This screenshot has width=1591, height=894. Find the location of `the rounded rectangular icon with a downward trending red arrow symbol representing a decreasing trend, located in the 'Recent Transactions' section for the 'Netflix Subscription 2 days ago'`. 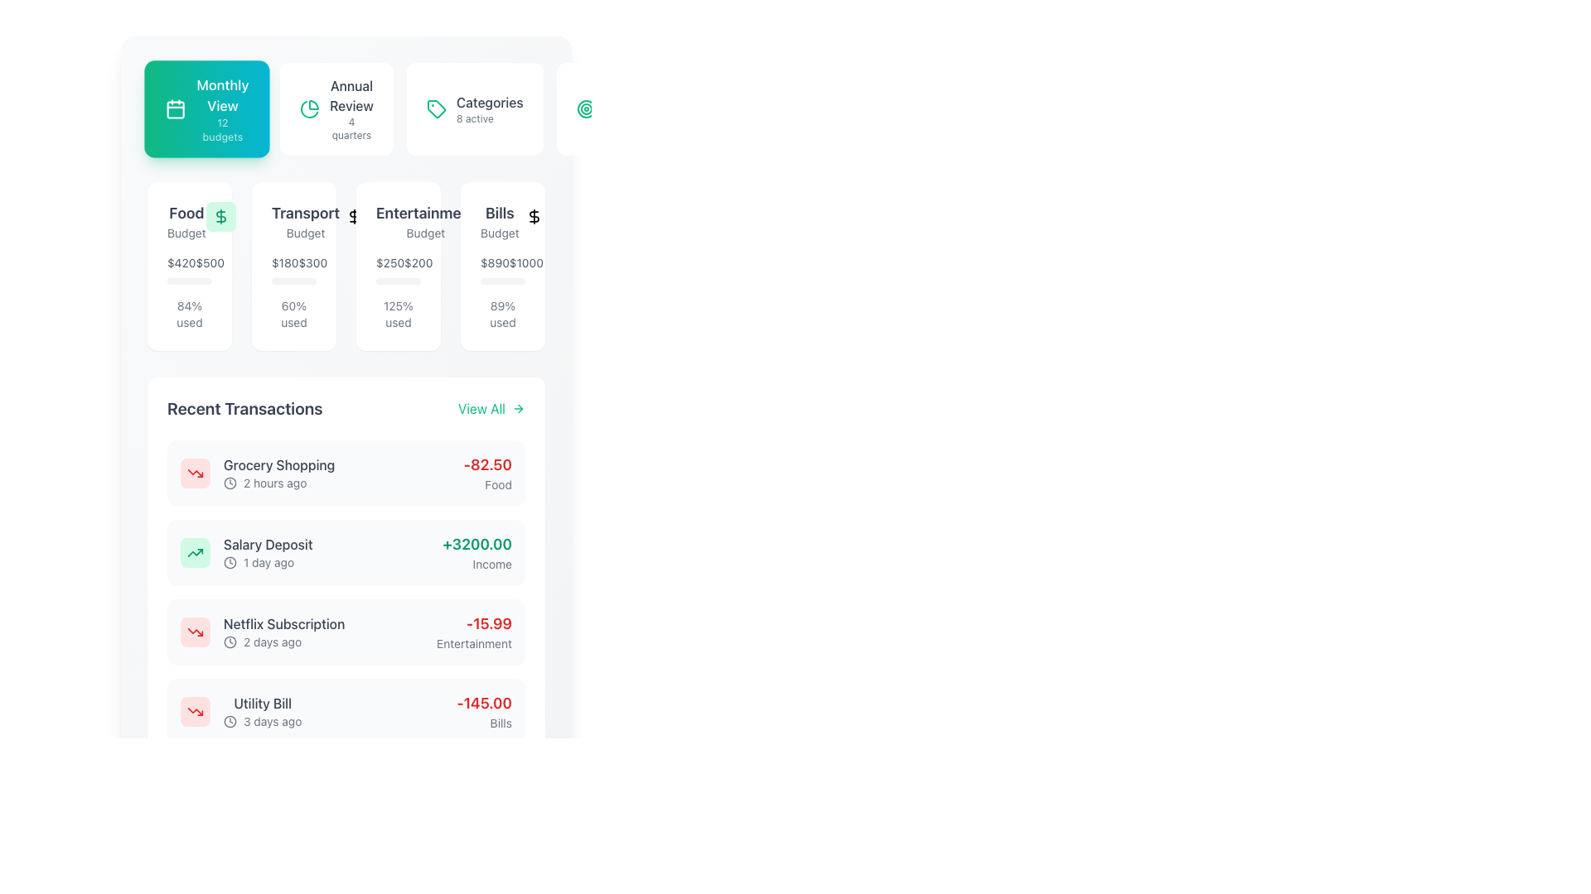

the rounded rectangular icon with a downward trending red arrow symbol representing a decreasing trend, located in the 'Recent Transactions' section for the 'Netflix Subscription 2 days ago' is located at coordinates (195, 632).